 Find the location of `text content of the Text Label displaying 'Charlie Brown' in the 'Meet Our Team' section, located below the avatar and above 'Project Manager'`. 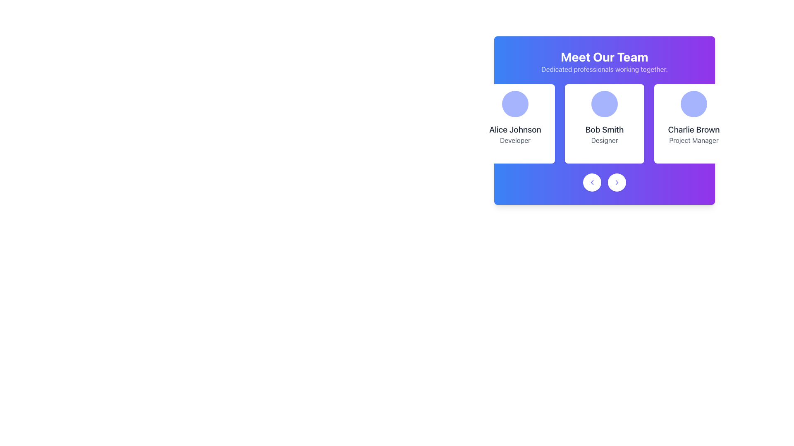

text content of the Text Label displaying 'Charlie Brown' in the 'Meet Our Team' section, located below the avatar and above 'Project Manager' is located at coordinates (694, 129).